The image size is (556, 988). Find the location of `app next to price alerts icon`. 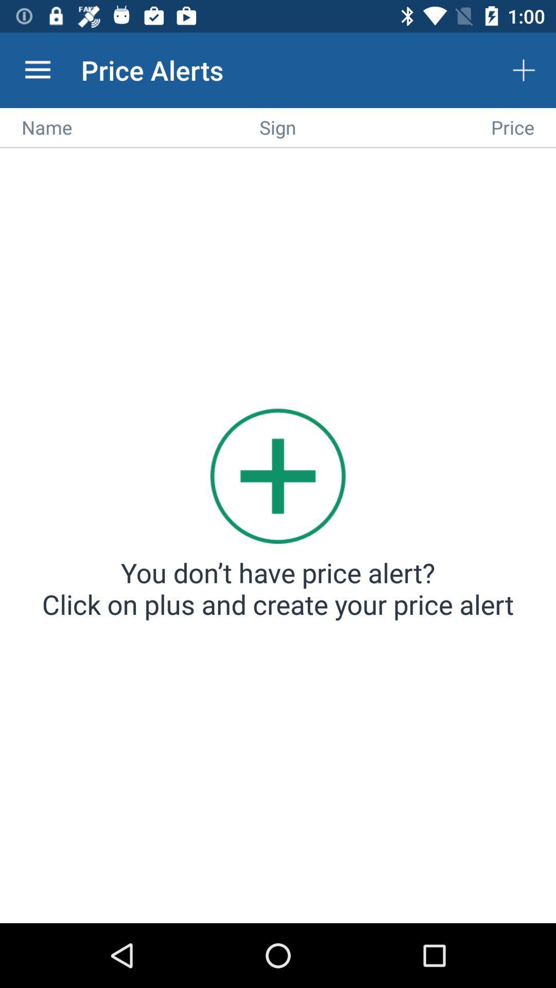

app next to price alerts icon is located at coordinates (37, 69).